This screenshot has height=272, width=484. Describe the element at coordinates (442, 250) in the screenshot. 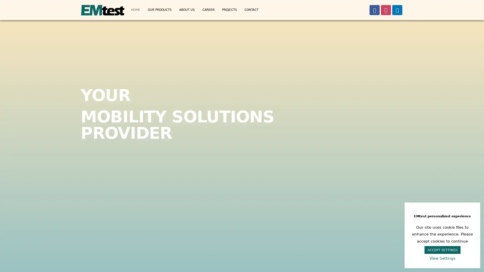

I see `ACCEPT SETTINGS` at that location.